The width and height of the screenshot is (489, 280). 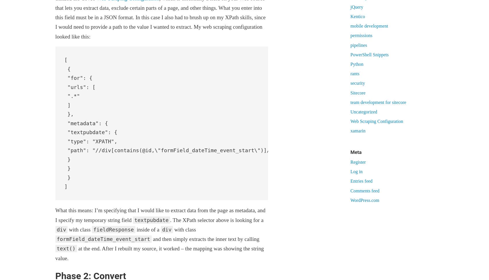 What do you see at coordinates (64, 123) in the screenshot?
I see `'[
 {
 "for": {
 "urls": [
 ".*"
 ]
 },
 "metadata": {
 "textpubdate": {
 "type": "XPATH",
 "path": "//div[contains(@id,\"formField_dateTime_event_start\")]/div[contains(@class,\"fieldResponse\")]/text()"
 }
 }
 }
]'` at bounding box center [64, 123].